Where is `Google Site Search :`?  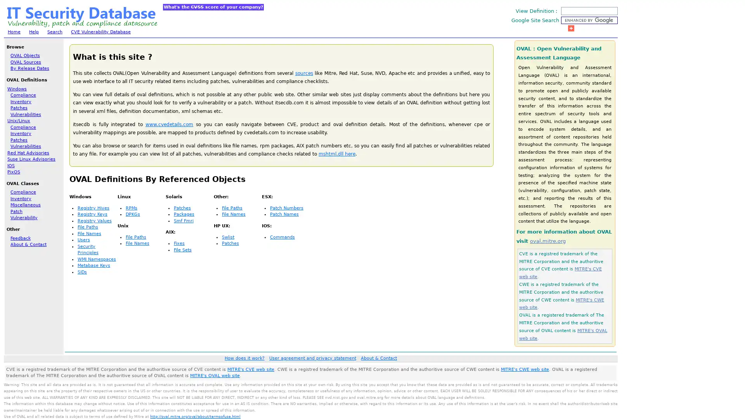
Google Site Search : is located at coordinates (534, 20).